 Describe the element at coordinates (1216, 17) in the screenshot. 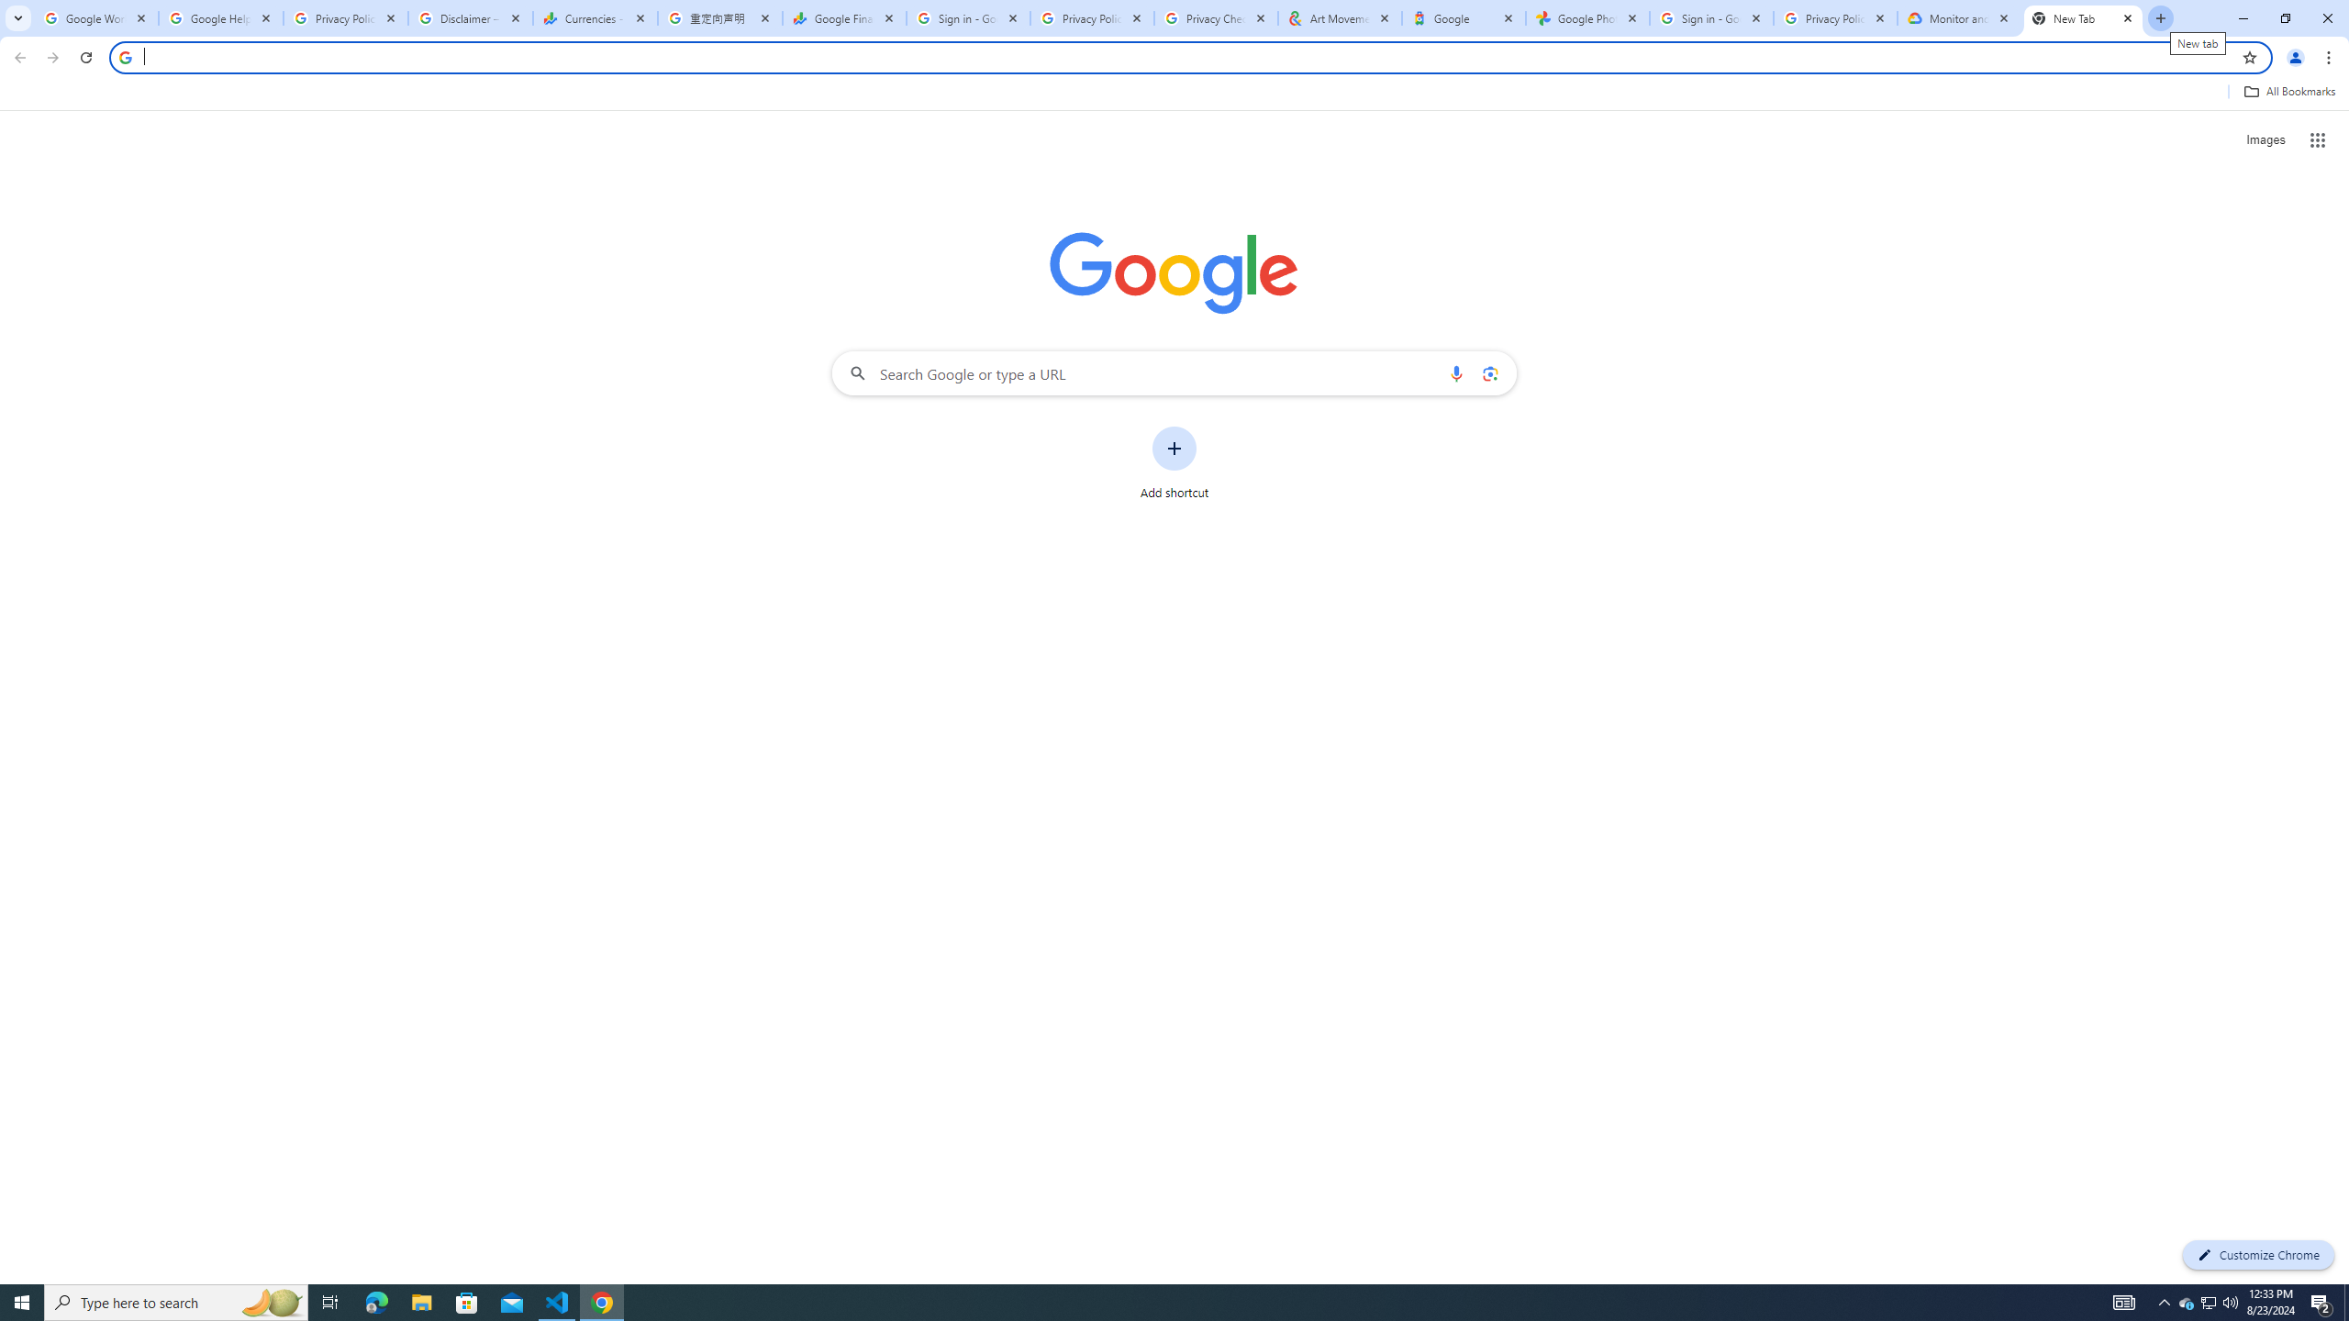

I see `'Privacy Checkup'` at that location.